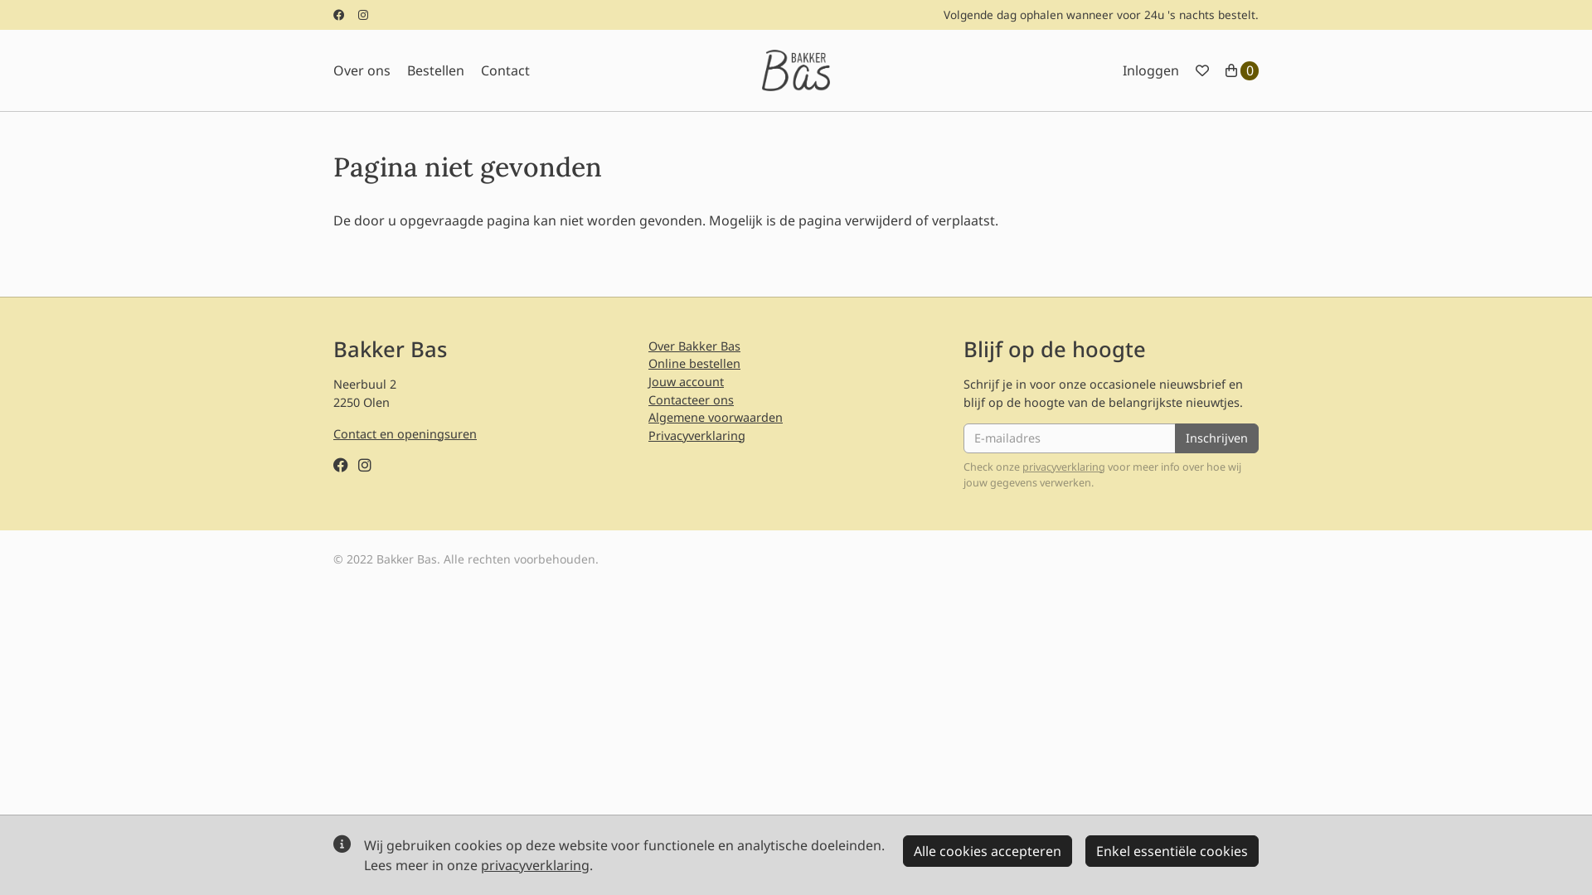 The image size is (1592, 895). I want to click on 'Inschrijven', so click(1216, 437).